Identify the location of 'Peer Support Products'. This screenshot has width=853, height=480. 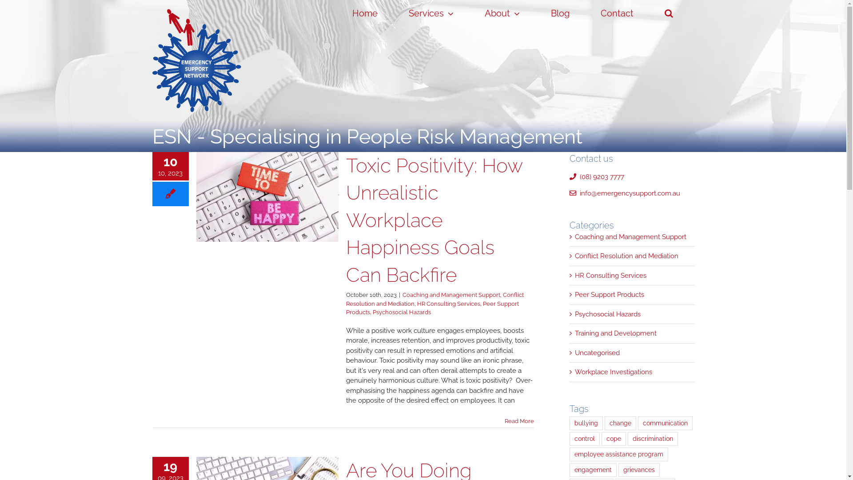
(345, 308).